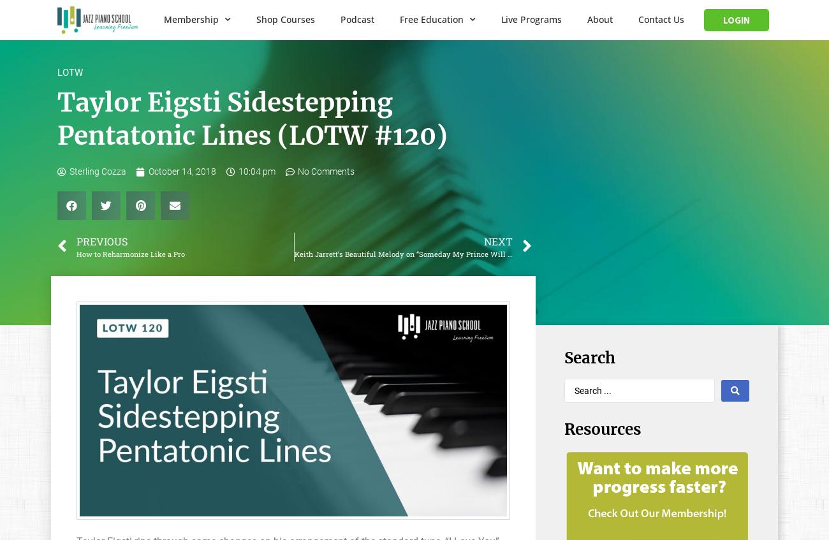 The height and width of the screenshot is (540, 829). What do you see at coordinates (531, 18) in the screenshot?
I see `'Live Programs'` at bounding box center [531, 18].